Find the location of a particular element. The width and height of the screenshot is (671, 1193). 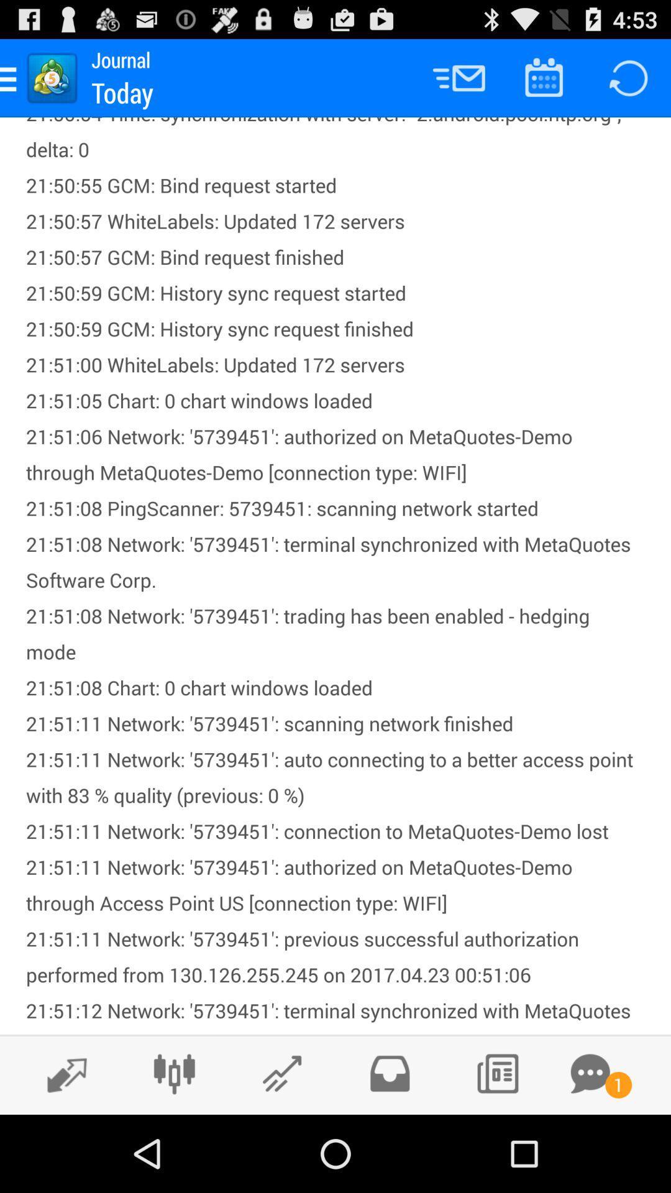

the sliders icon is located at coordinates (174, 1148).